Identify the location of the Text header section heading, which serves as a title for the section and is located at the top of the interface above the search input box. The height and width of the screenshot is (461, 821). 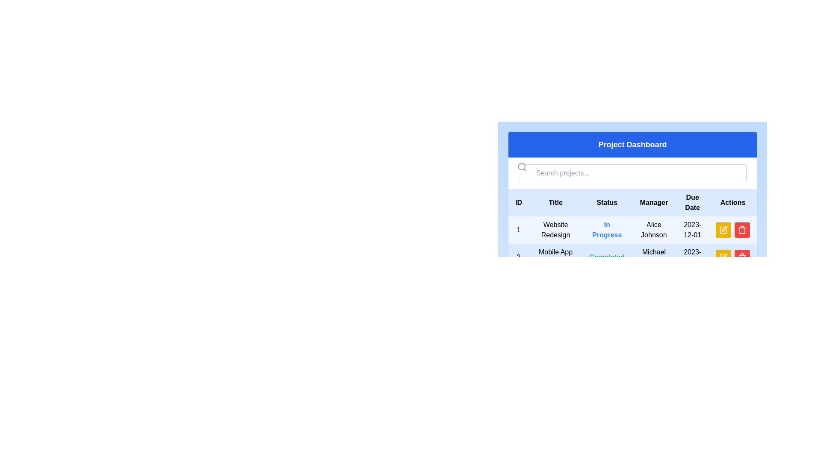
(632, 144).